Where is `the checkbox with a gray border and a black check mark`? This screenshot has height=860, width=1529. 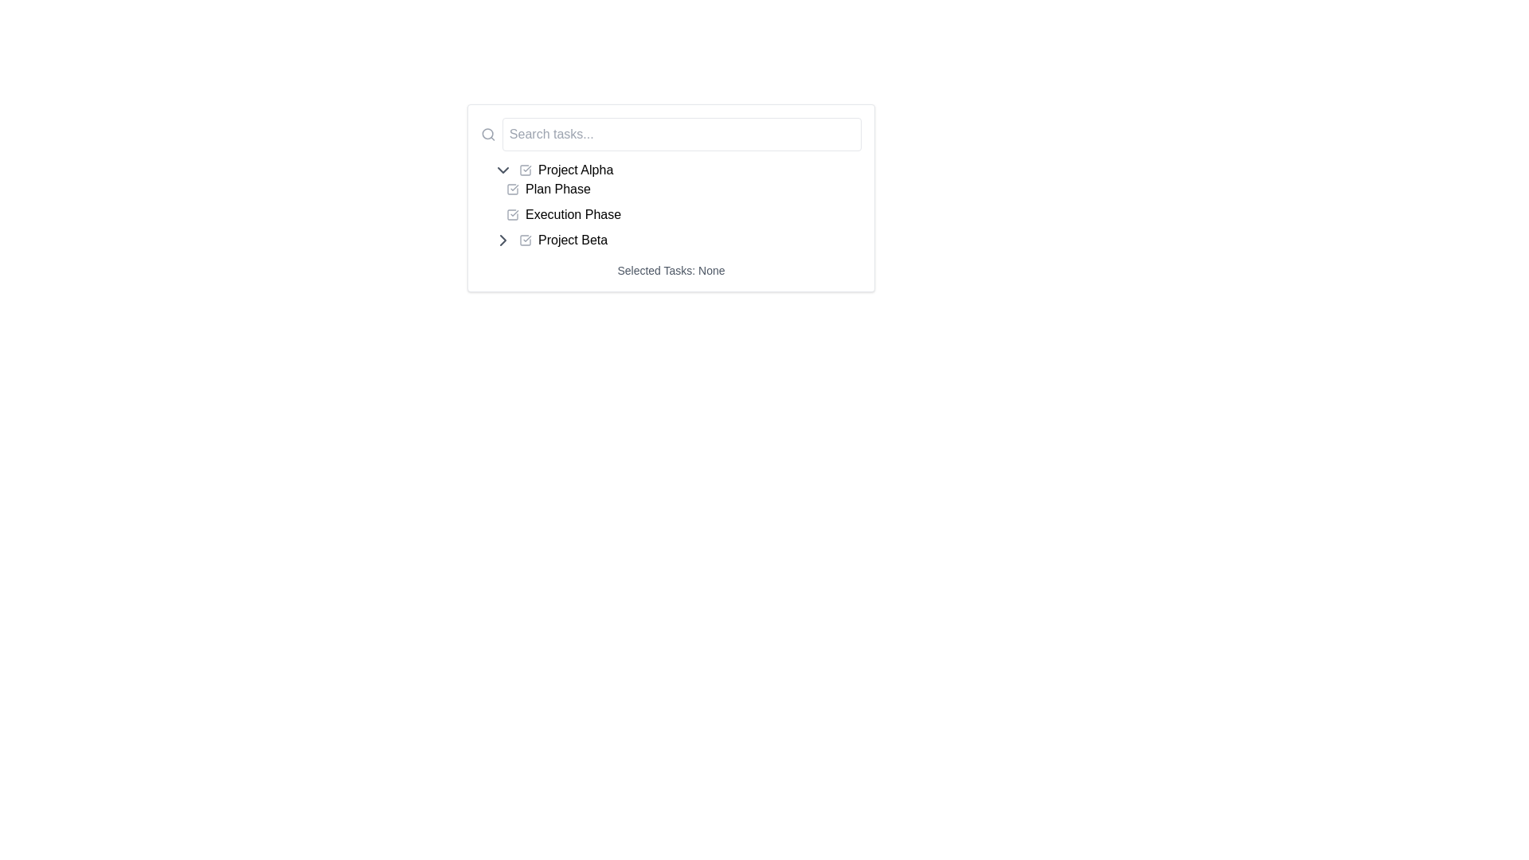
the checkbox with a gray border and a black check mark is located at coordinates (512, 215).